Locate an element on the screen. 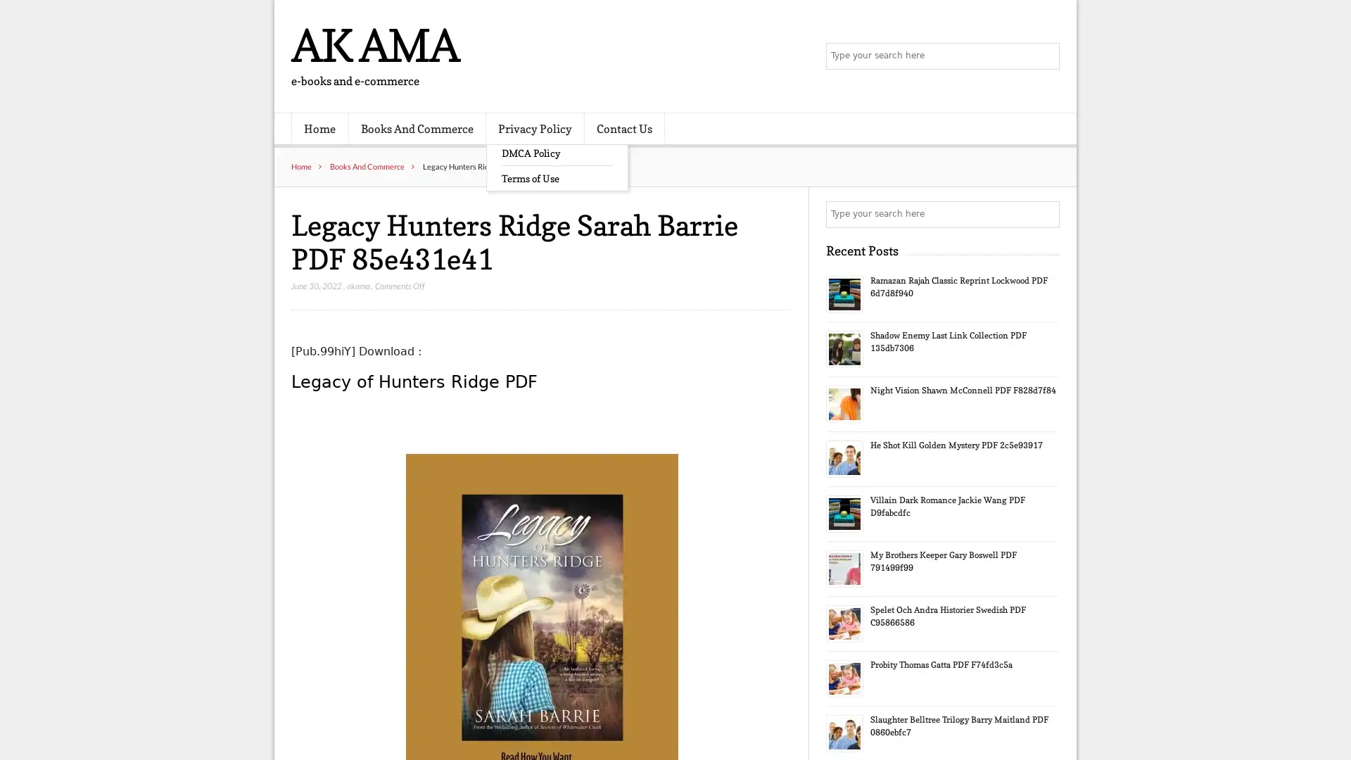  Search is located at coordinates (1045, 56).